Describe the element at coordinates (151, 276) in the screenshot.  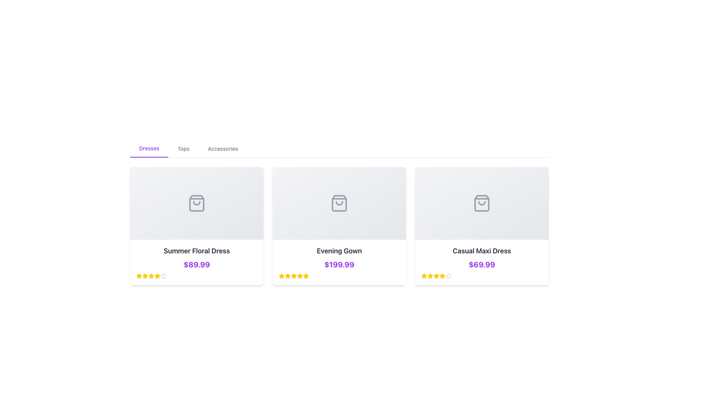
I see `the fourth star icon, which is bright yellow and part of a rating component below the 'Summer Floral Dress' title and price` at that location.